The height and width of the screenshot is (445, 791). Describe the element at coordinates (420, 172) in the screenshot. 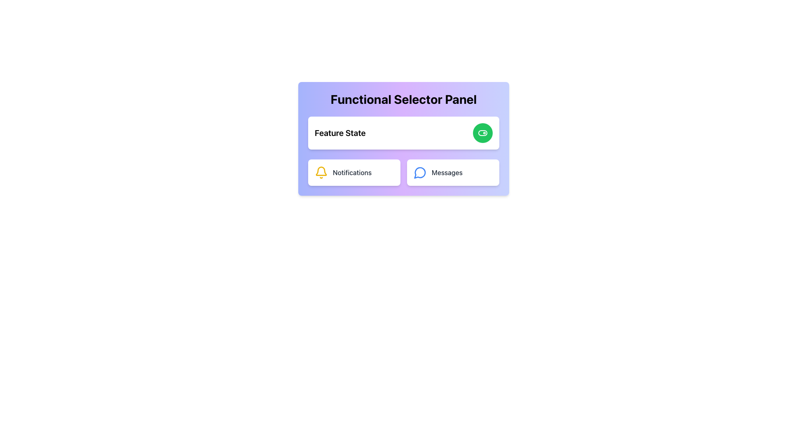

I see `the message icon located to the left of the 'Messages' text inside the card in the lower-right section of the purple 'Functional Selector Panel'` at that location.